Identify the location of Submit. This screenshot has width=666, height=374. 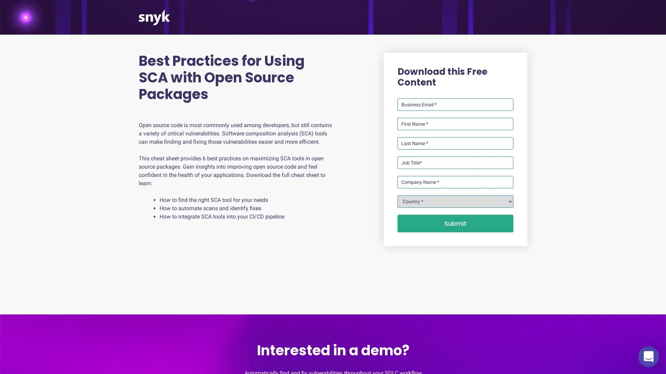
(455, 223).